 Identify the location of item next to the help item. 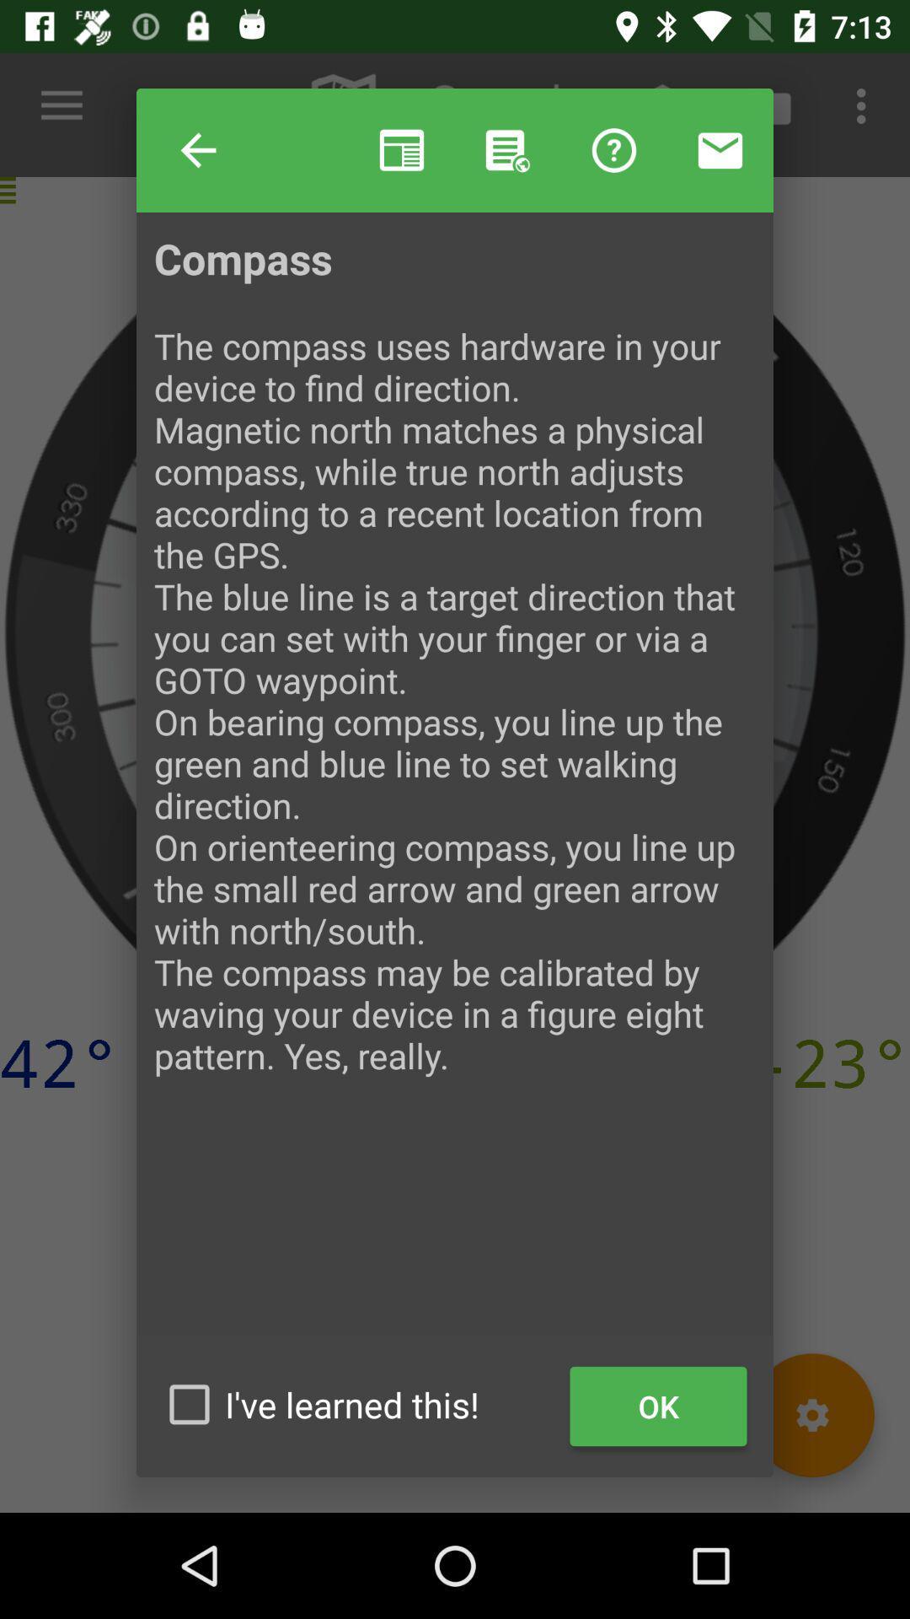
(197, 150).